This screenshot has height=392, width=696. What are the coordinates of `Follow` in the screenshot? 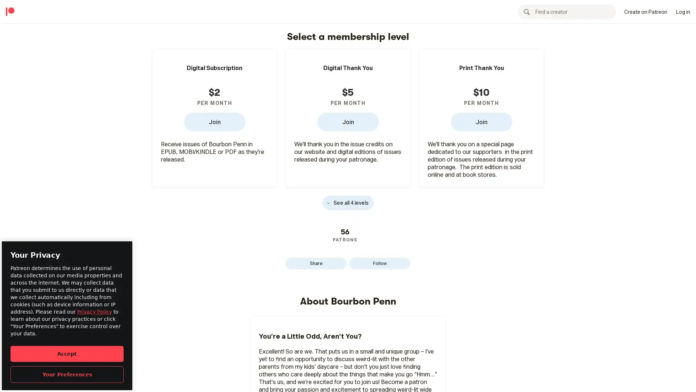 It's located at (379, 263).